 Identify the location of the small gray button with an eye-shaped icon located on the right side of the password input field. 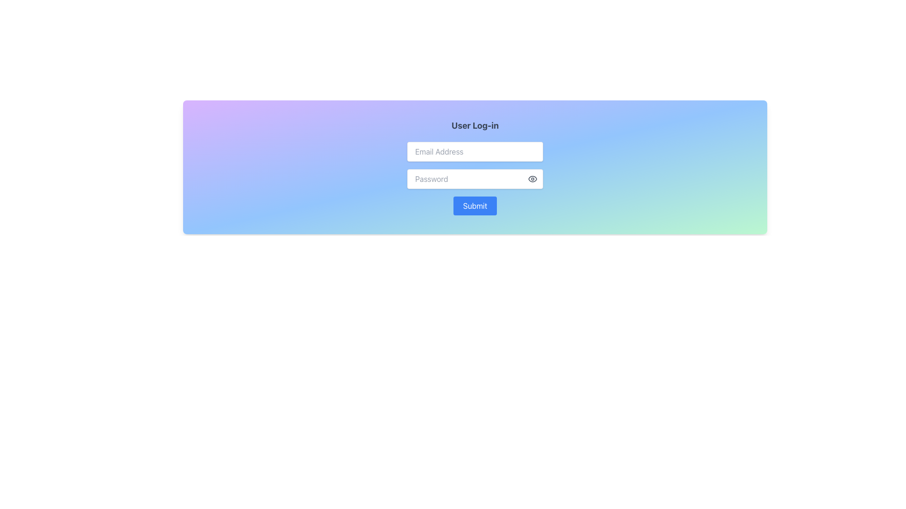
(532, 179).